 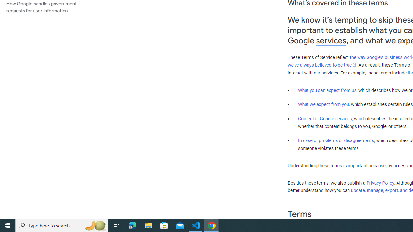 I want to click on 'Content in Google services', so click(x=325, y=119).